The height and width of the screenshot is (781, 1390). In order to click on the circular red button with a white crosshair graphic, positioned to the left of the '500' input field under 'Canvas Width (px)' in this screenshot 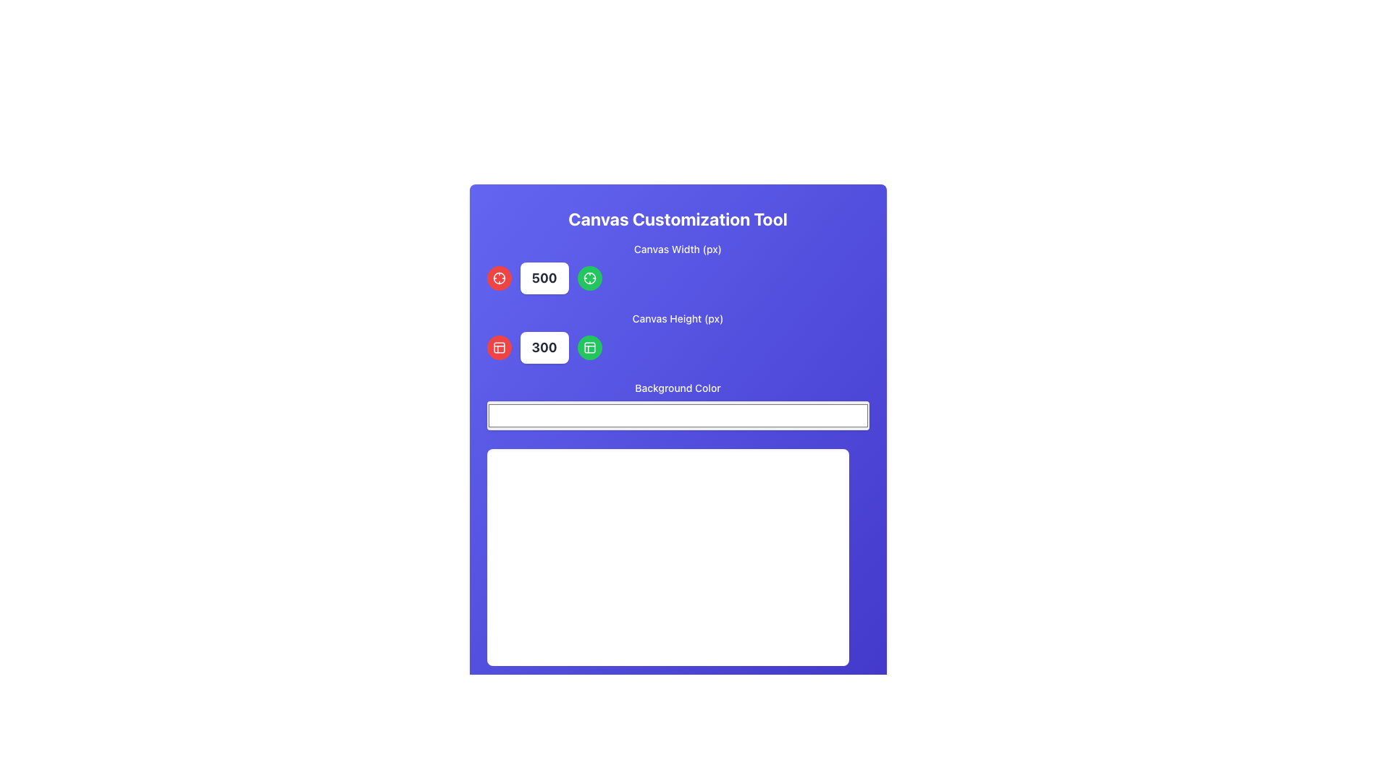, I will do `click(499, 278)`.